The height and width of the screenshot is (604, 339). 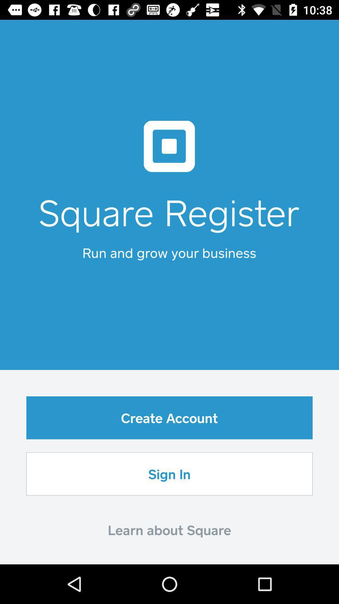 What do you see at coordinates (169, 418) in the screenshot?
I see `icon above sign in icon` at bounding box center [169, 418].